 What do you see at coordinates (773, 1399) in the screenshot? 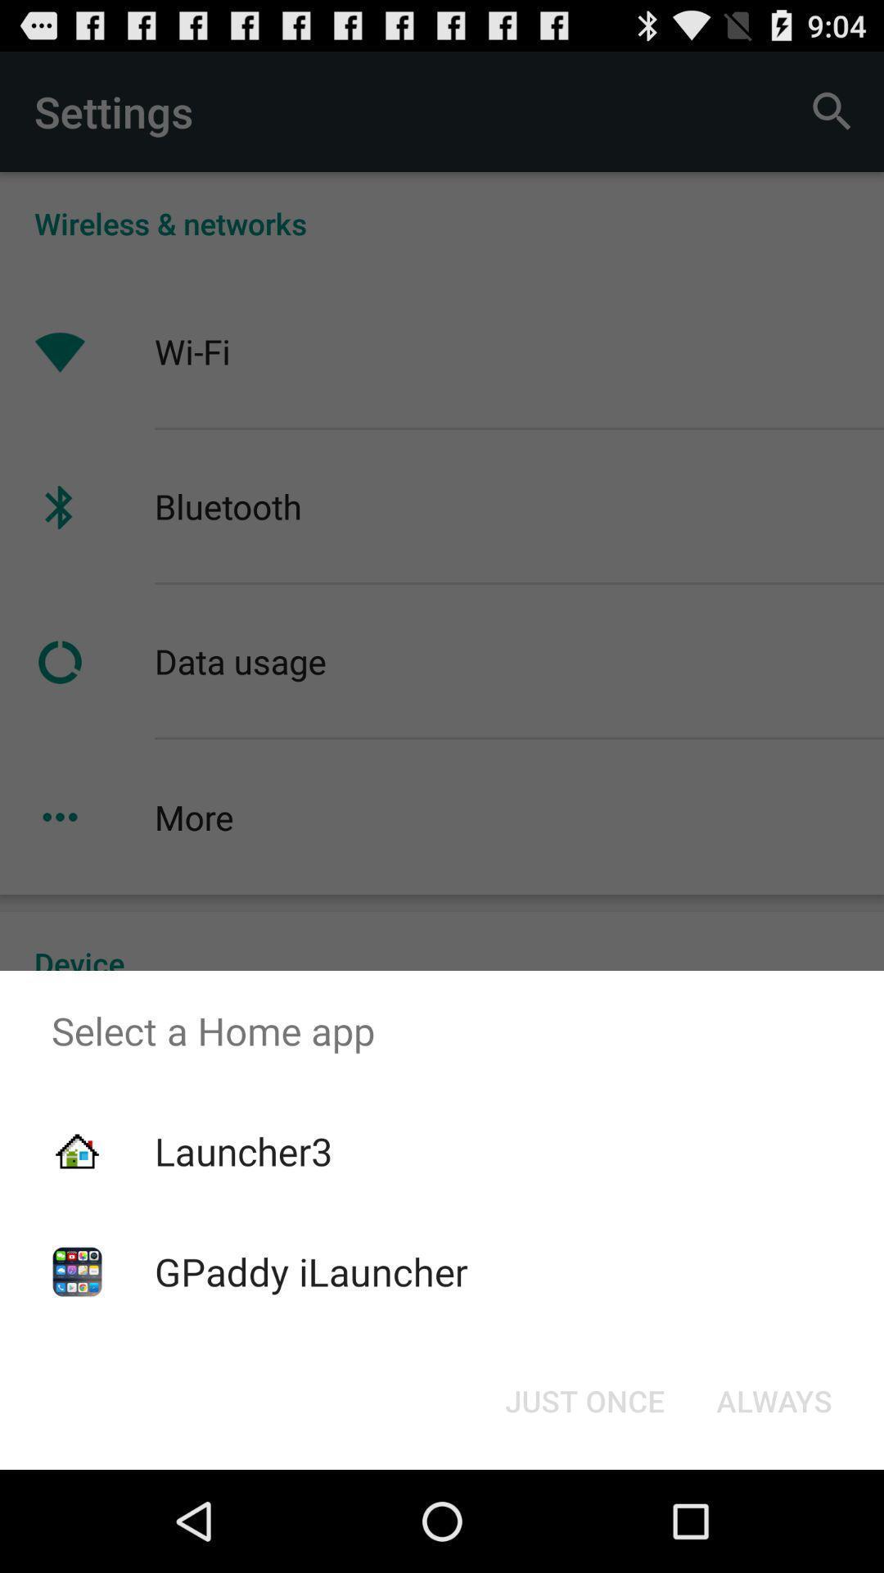
I see `the always item` at bounding box center [773, 1399].